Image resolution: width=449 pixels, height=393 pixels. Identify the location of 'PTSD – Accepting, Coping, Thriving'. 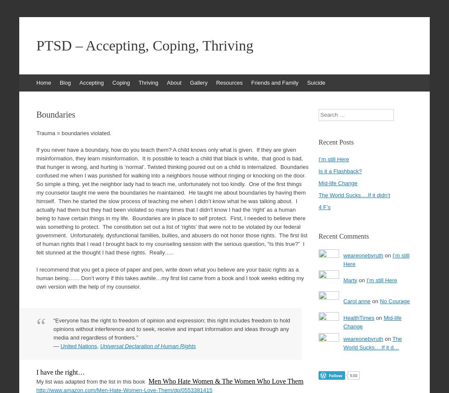
(36, 45).